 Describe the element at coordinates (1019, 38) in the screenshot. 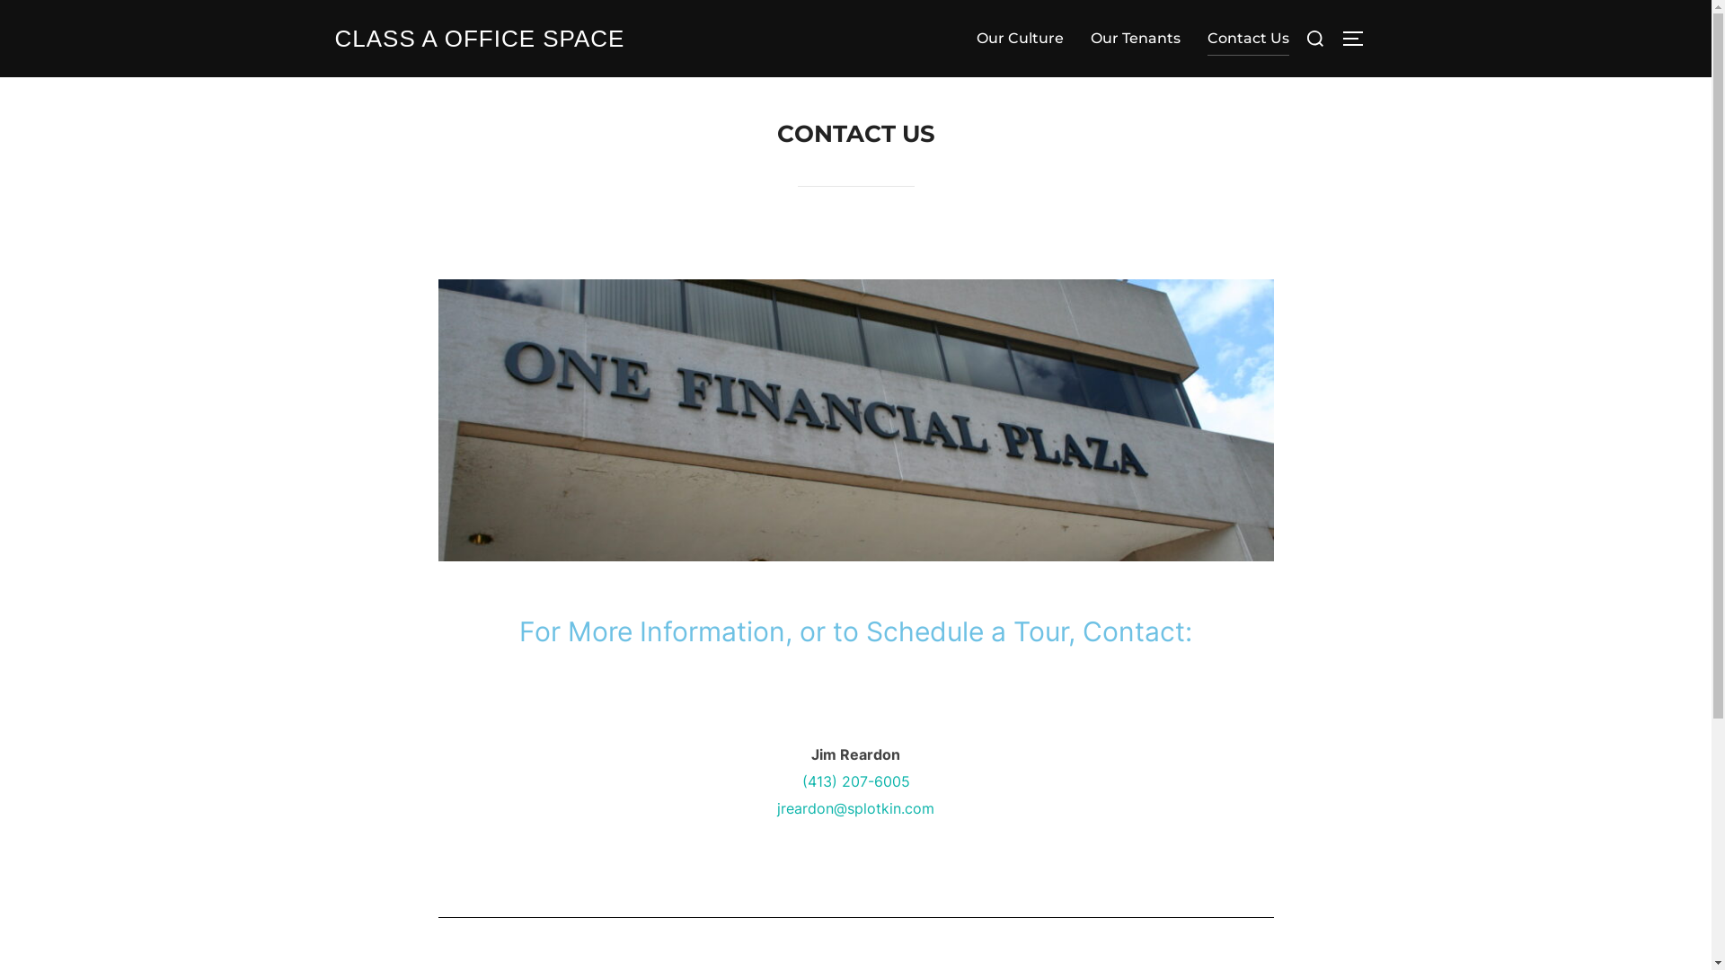

I see `'Our Culture'` at that location.